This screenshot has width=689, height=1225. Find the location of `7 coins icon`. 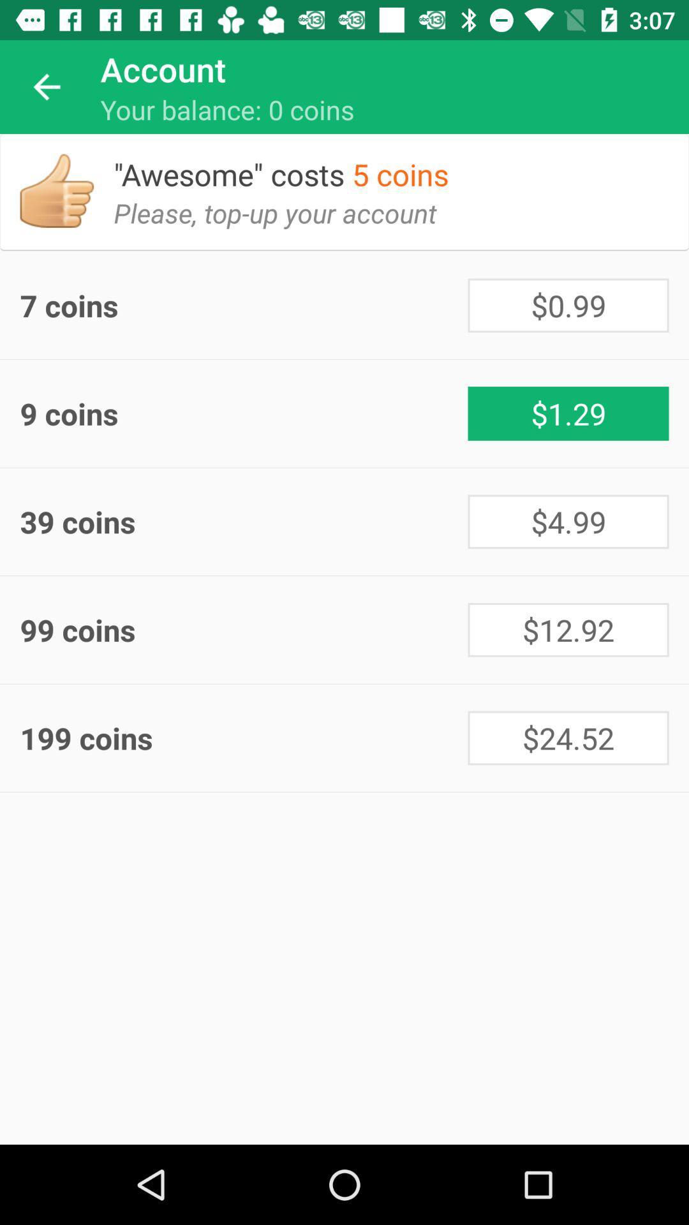

7 coins icon is located at coordinates (244, 304).